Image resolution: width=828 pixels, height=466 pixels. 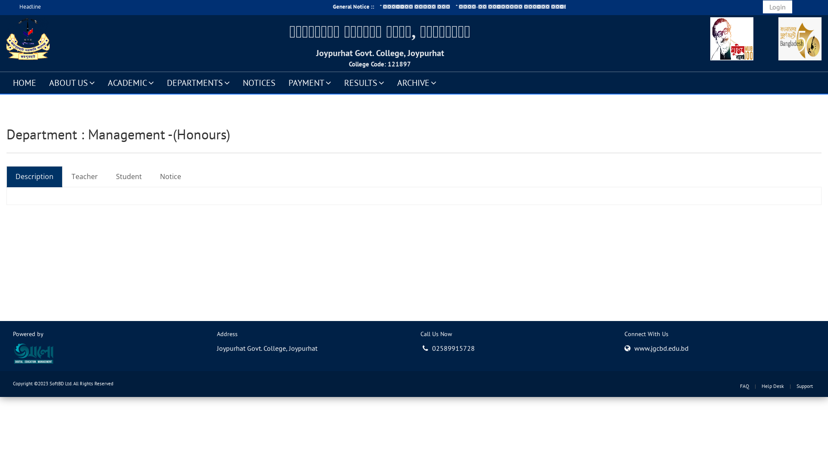 What do you see at coordinates (258, 82) in the screenshot?
I see `'NOTICES'` at bounding box center [258, 82].